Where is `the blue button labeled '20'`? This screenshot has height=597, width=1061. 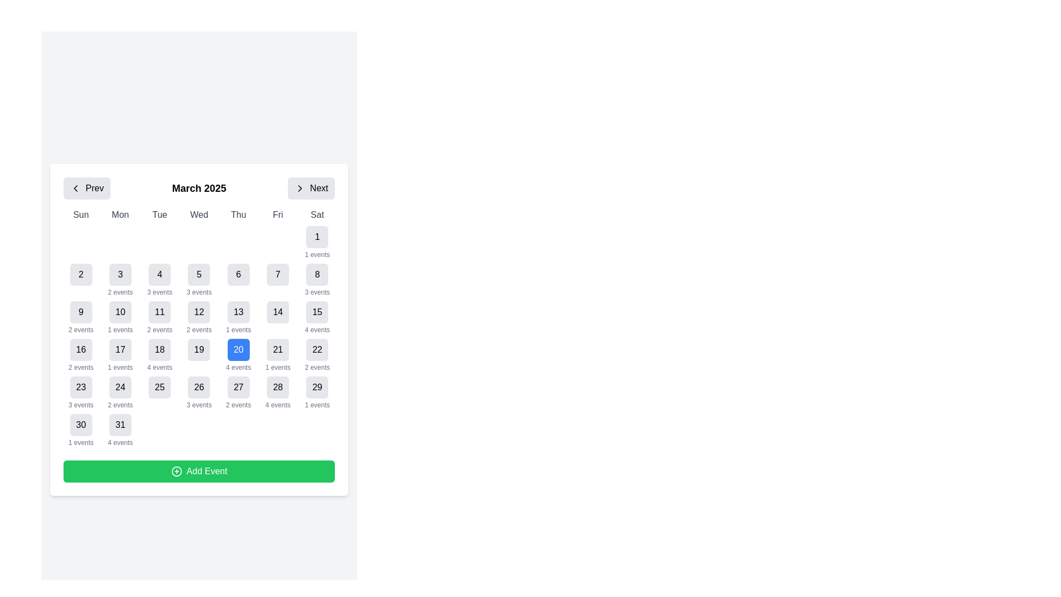
the blue button labeled '20' is located at coordinates (238, 349).